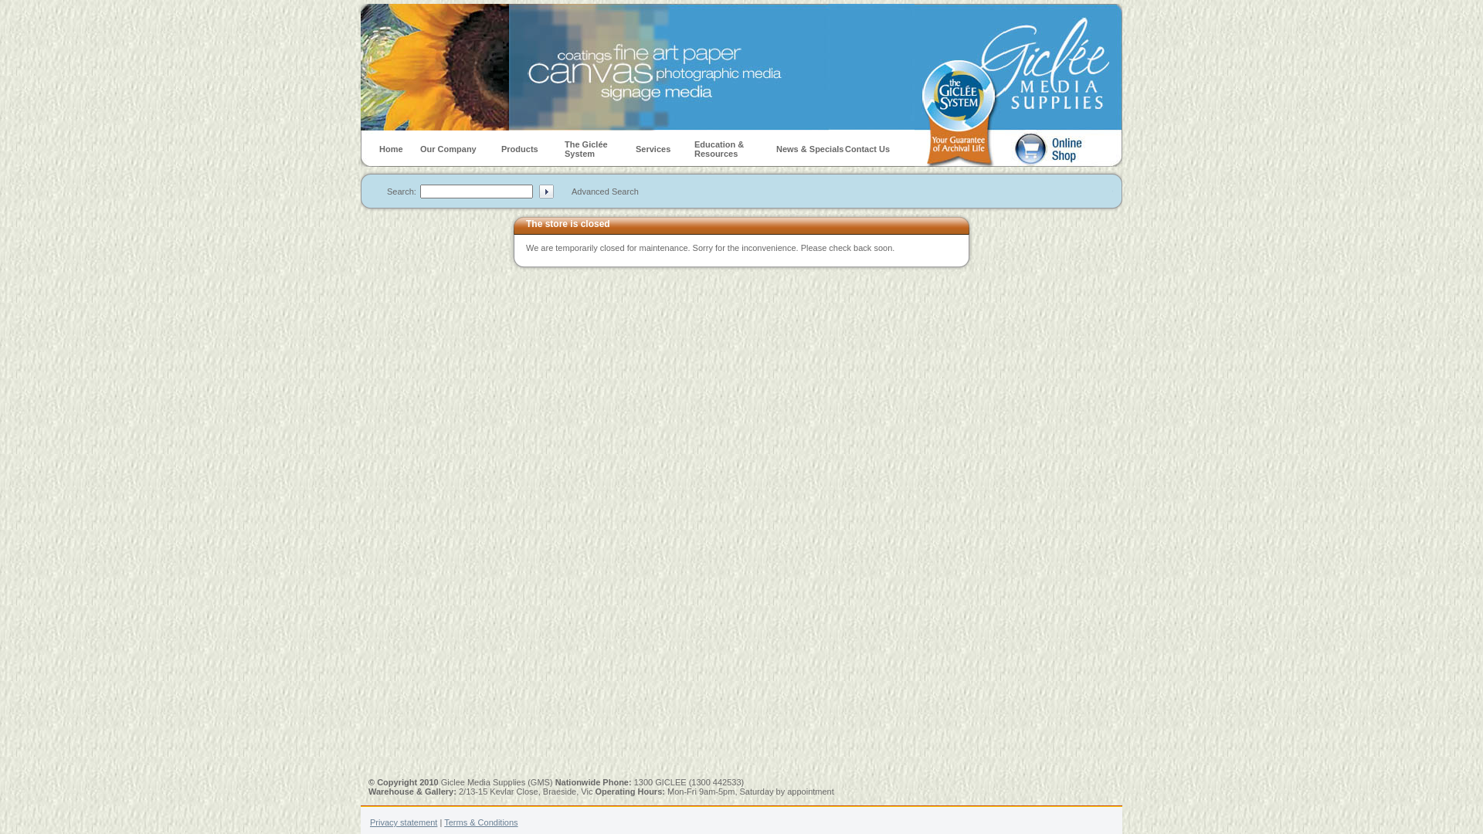  What do you see at coordinates (480, 821) in the screenshot?
I see `'Terms & Conditions'` at bounding box center [480, 821].